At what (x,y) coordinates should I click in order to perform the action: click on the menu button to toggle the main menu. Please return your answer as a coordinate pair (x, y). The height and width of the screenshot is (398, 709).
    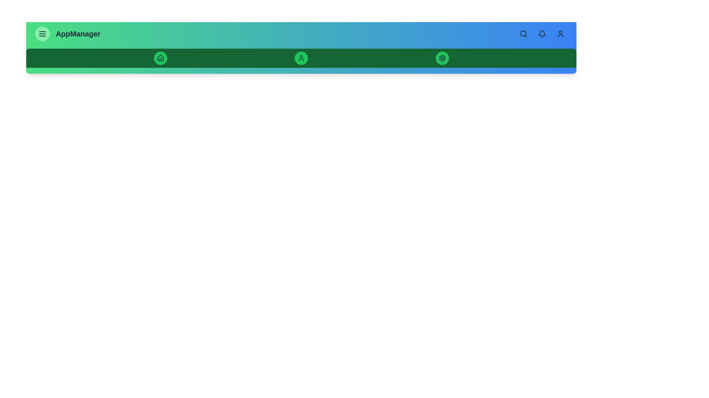
    Looking at the image, I should click on (42, 34).